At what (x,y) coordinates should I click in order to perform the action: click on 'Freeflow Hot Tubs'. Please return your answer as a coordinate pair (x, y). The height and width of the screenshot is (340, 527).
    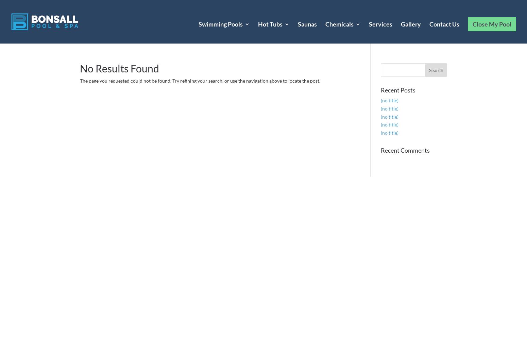
    Looking at the image, I should click on (296, 71).